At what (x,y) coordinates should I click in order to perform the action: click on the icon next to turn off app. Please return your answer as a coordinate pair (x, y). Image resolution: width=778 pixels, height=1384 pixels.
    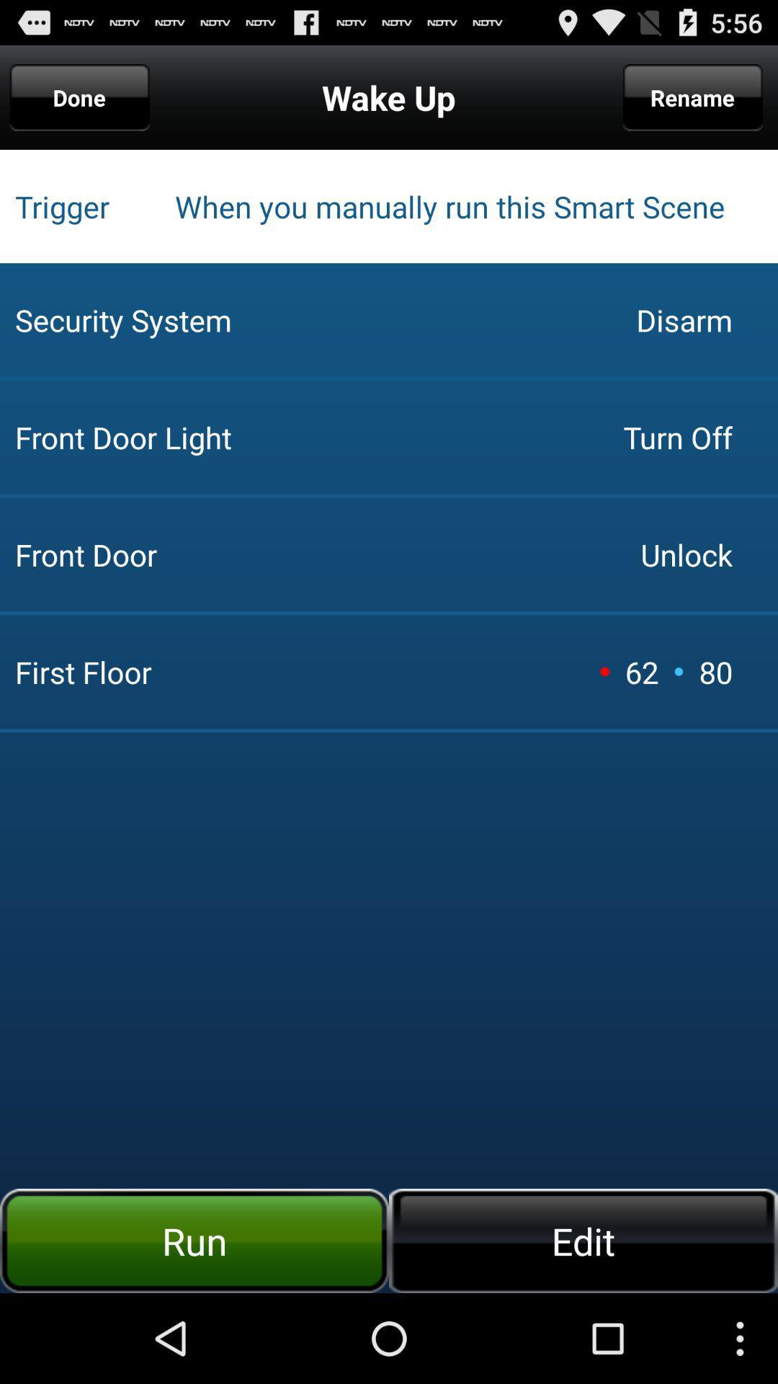
    Looking at the image, I should click on (313, 319).